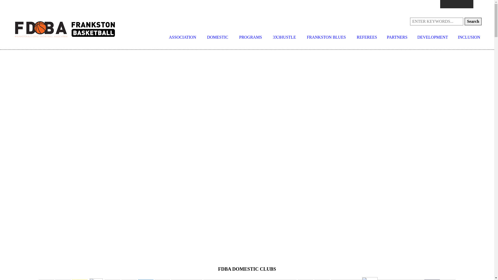 The width and height of the screenshot is (498, 280). Describe the element at coordinates (132, 4) in the screenshot. I see `'competitions@fdba.com.au'` at that location.